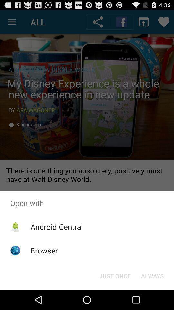 Image resolution: width=174 pixels, height=310 pixels. What do you see at coordinates (115, 275) in the screenshot?
I see `icon next to always` at bounding box center [115, 275].